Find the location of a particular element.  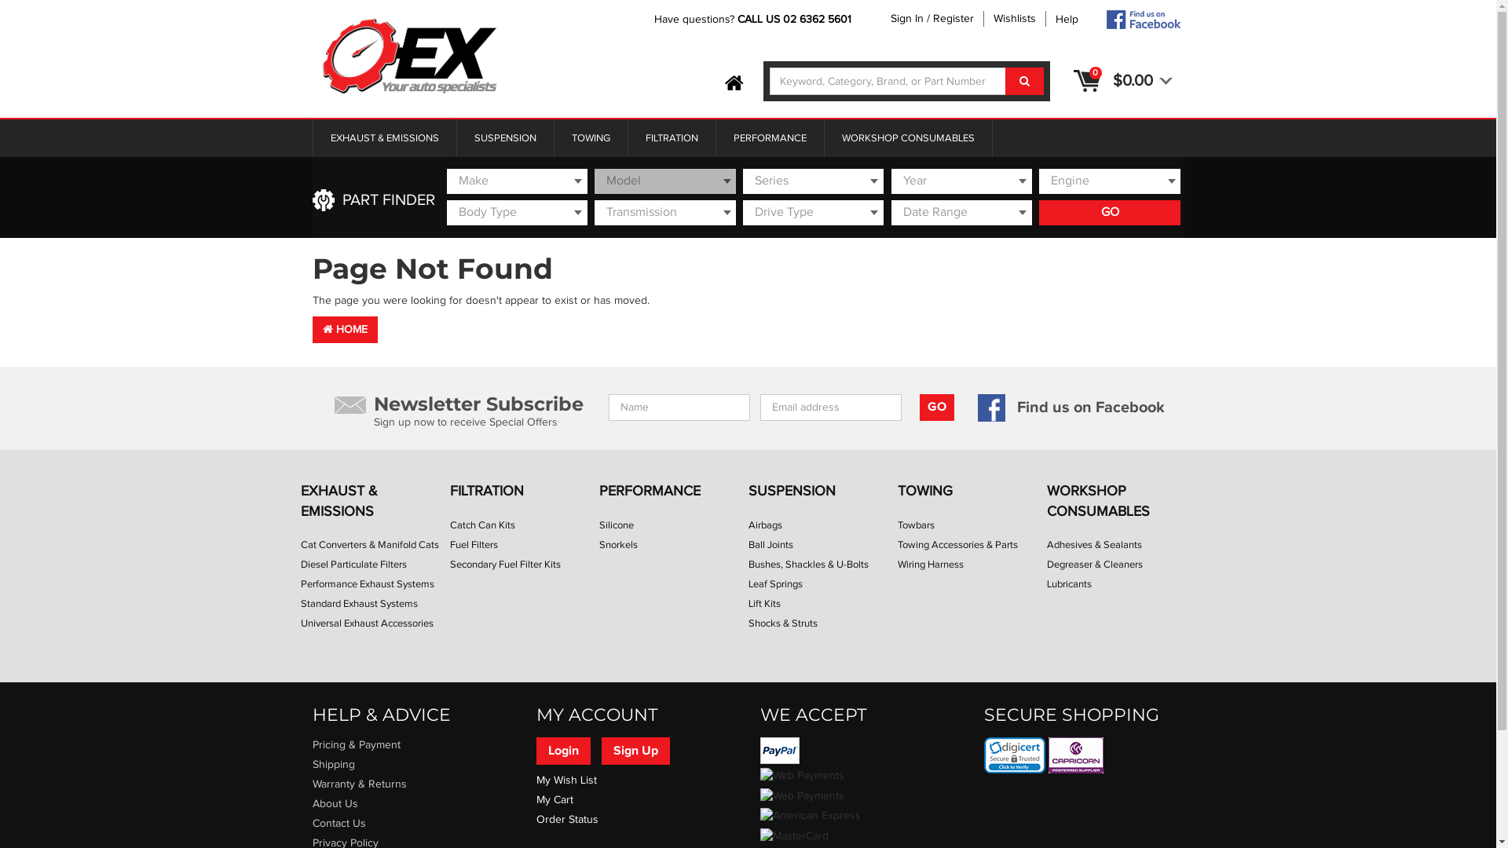

'Secondary Fuel Filter Kits' is located at coordinates (504, 563).